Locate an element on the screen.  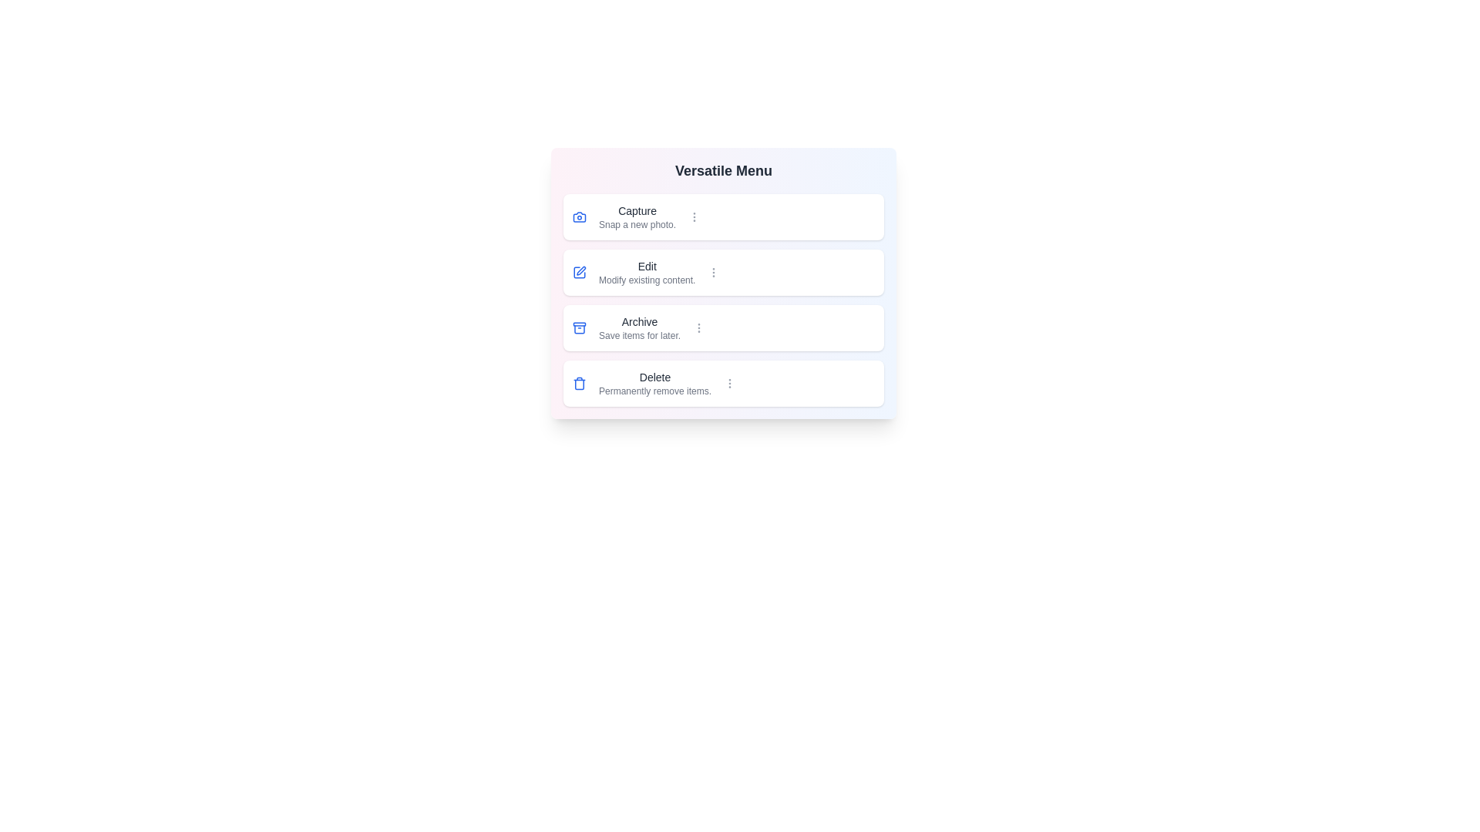
the menu item labeled Archive to select it is located at coordinates (723, 327).